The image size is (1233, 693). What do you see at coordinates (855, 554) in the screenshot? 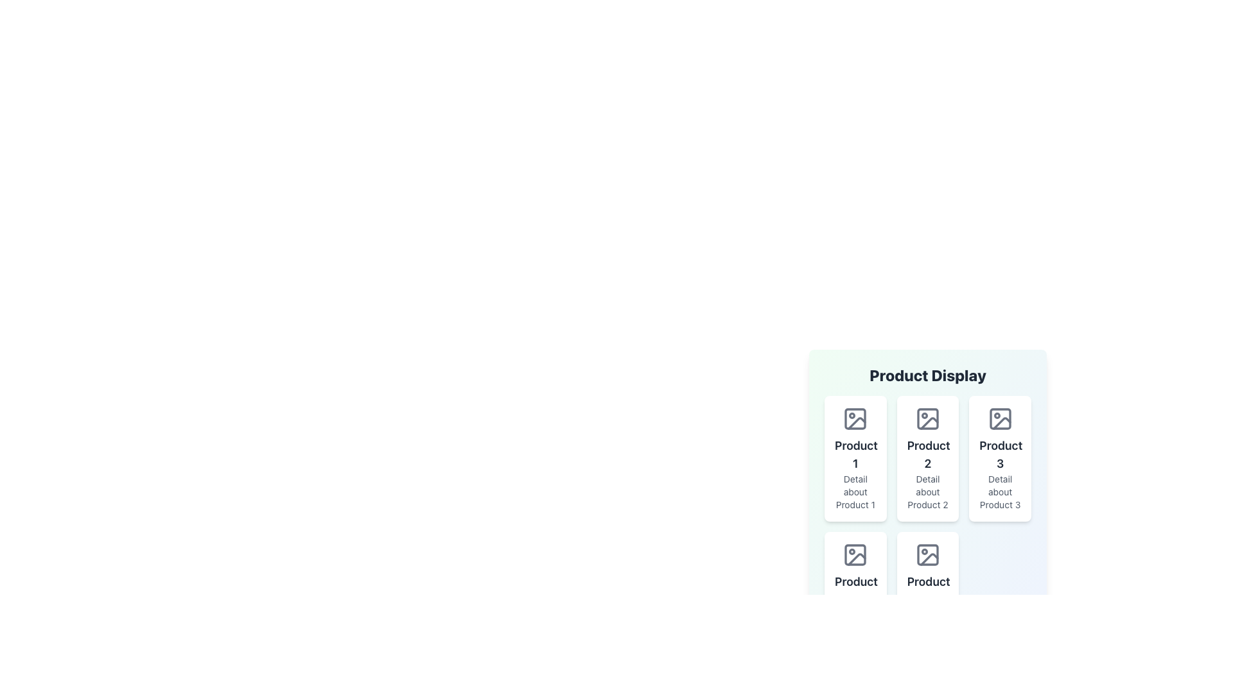
I see `the icon representing 'Product 4', which is located at the top center of the product card` at bounding box center [855, 554].